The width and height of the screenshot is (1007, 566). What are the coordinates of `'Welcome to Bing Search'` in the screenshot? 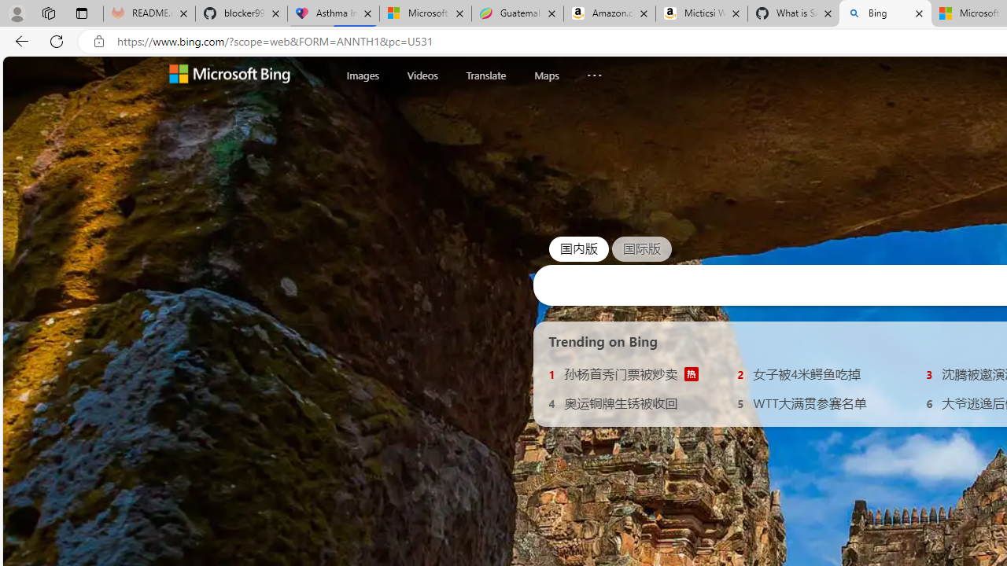 It's located at (228, 75).